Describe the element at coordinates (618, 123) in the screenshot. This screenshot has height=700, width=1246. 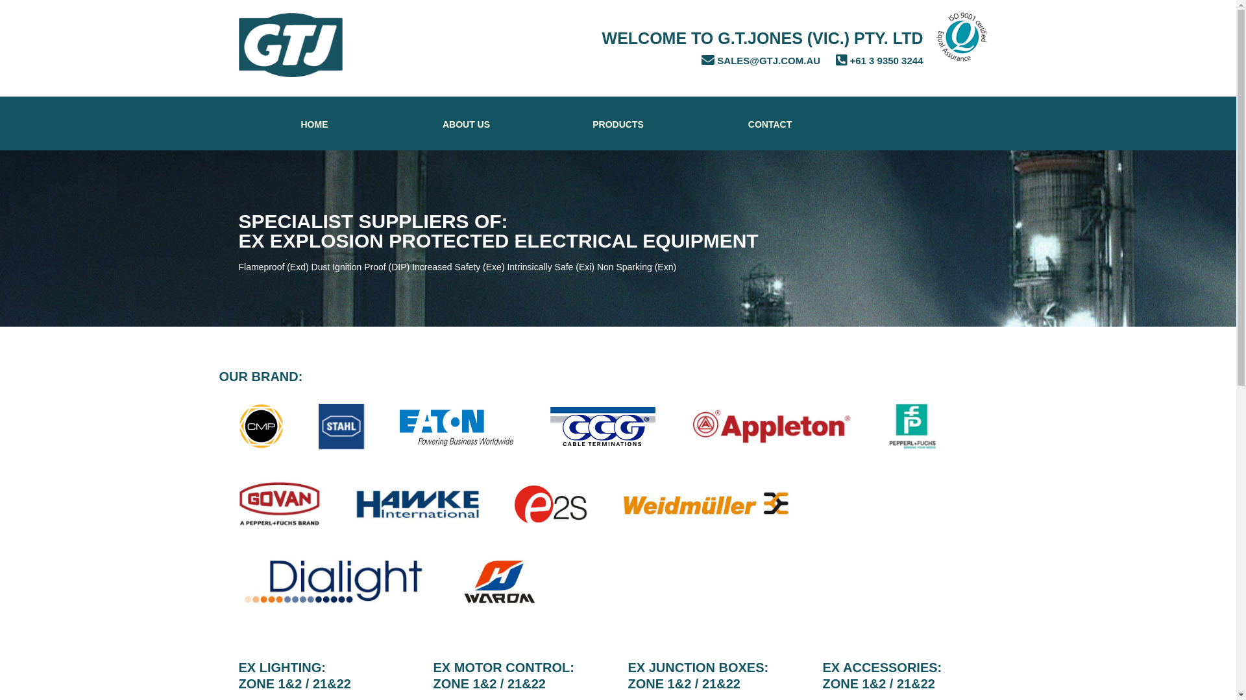
I see `'PRODUCTS'` at that location.